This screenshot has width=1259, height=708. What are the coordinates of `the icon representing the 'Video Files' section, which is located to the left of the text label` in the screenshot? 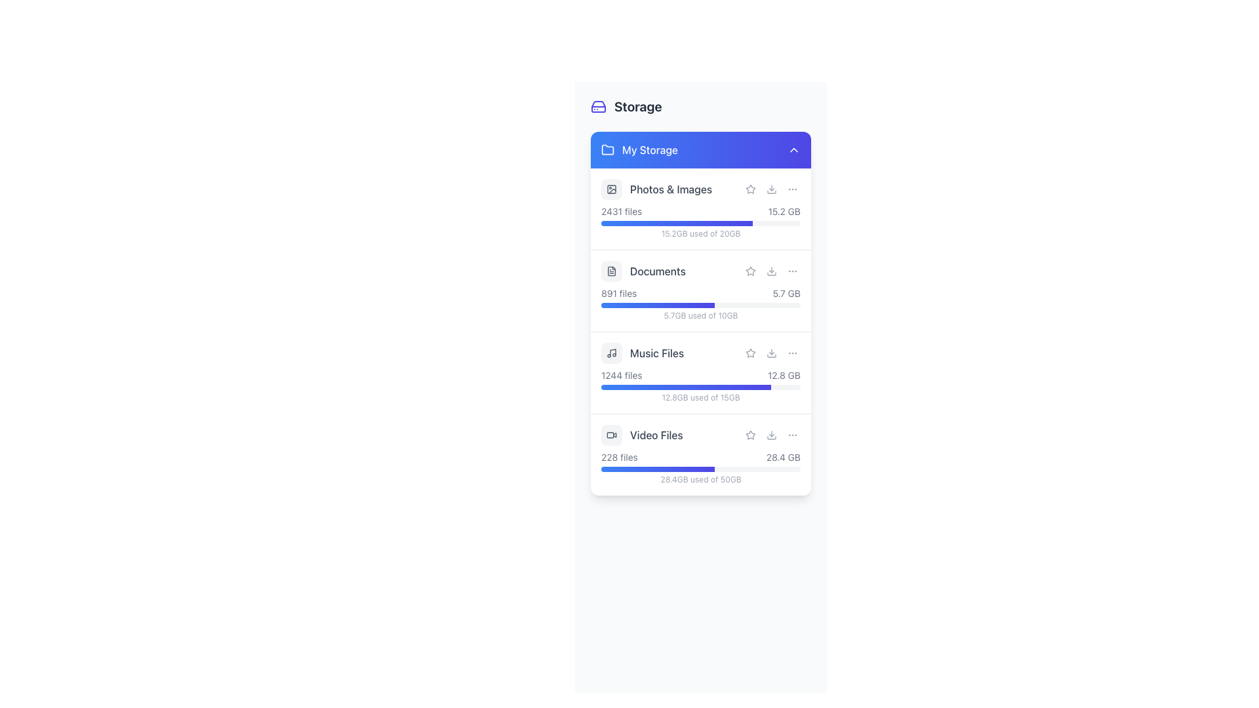 It's located at (610, 435).